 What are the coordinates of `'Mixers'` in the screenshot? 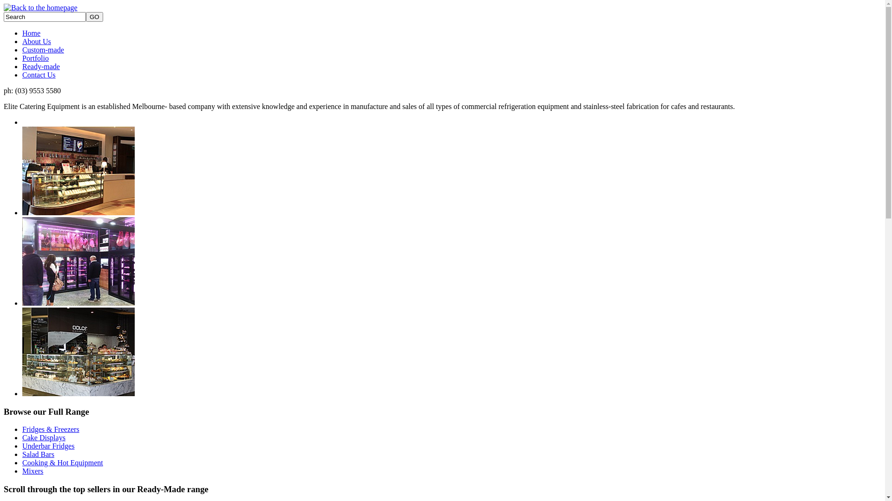 It's located at (33, 471).